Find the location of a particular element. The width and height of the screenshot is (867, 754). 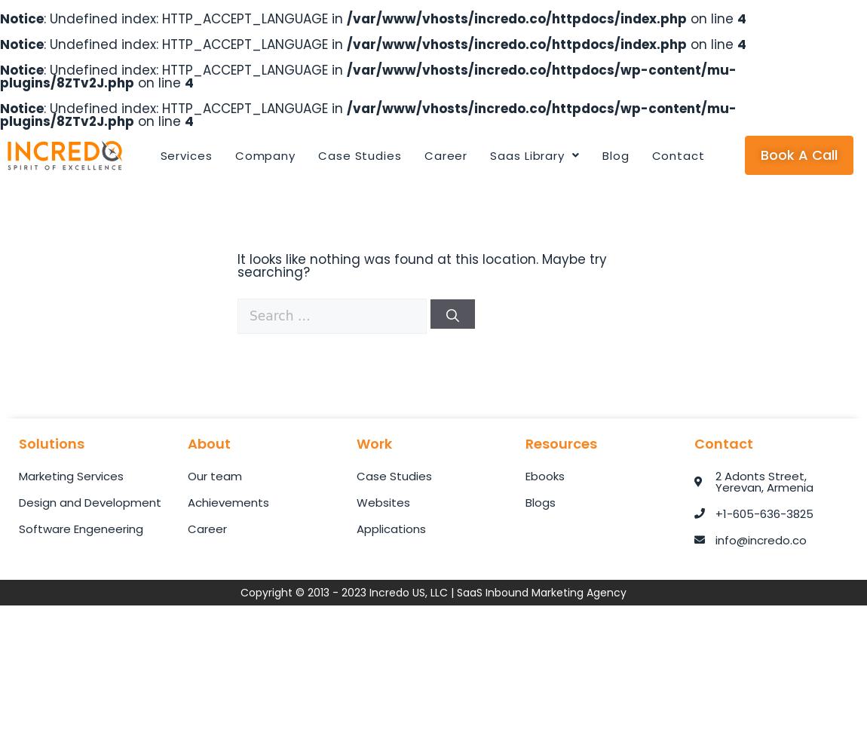

'Saas Library' is located at coordinates (489, 154).